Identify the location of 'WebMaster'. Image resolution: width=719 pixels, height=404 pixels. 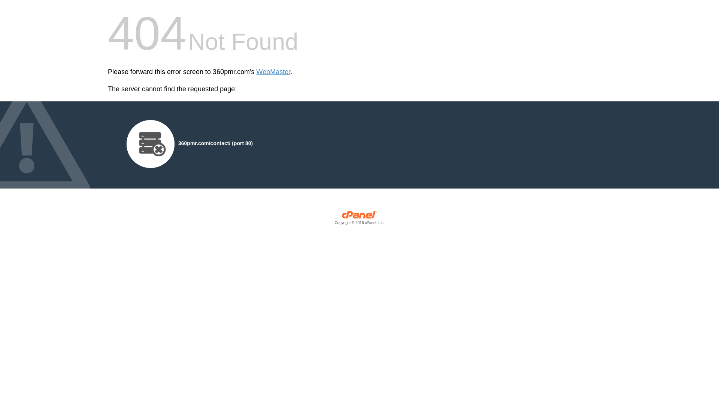
(273, 72).